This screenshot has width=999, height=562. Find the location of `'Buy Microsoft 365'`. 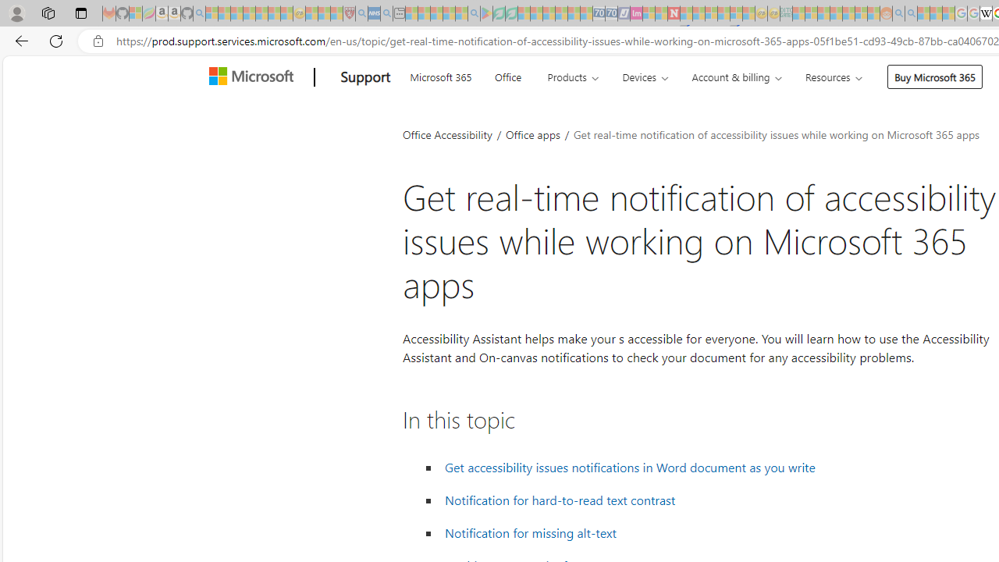

'Buy Microsoft 365' is located at coordinates (935, 76).